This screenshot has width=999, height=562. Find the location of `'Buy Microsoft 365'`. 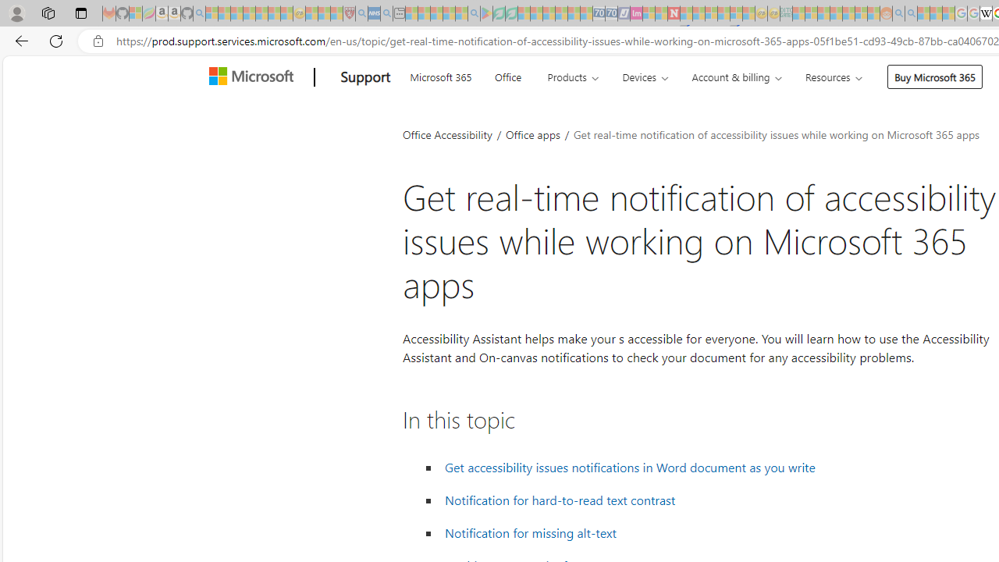

'Buy Microsoft 365' is located at coordinates (935, 76).